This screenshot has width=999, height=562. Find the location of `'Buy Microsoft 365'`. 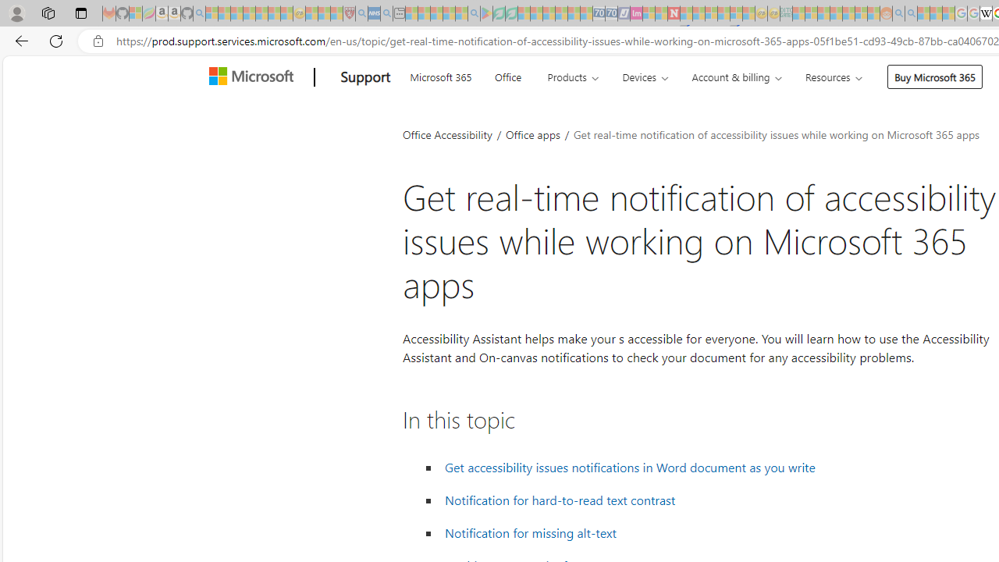

'Buy Microsoft 365' is located at coordinates (935, 76).